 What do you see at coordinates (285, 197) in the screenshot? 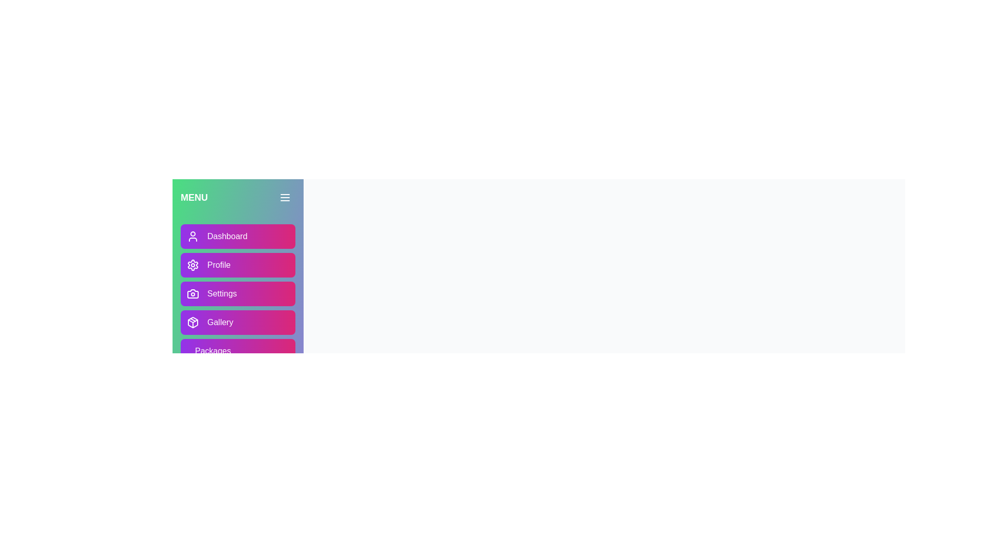
I see `the menu icon to toggle the drawer menu` at bounding box center [285, 197].